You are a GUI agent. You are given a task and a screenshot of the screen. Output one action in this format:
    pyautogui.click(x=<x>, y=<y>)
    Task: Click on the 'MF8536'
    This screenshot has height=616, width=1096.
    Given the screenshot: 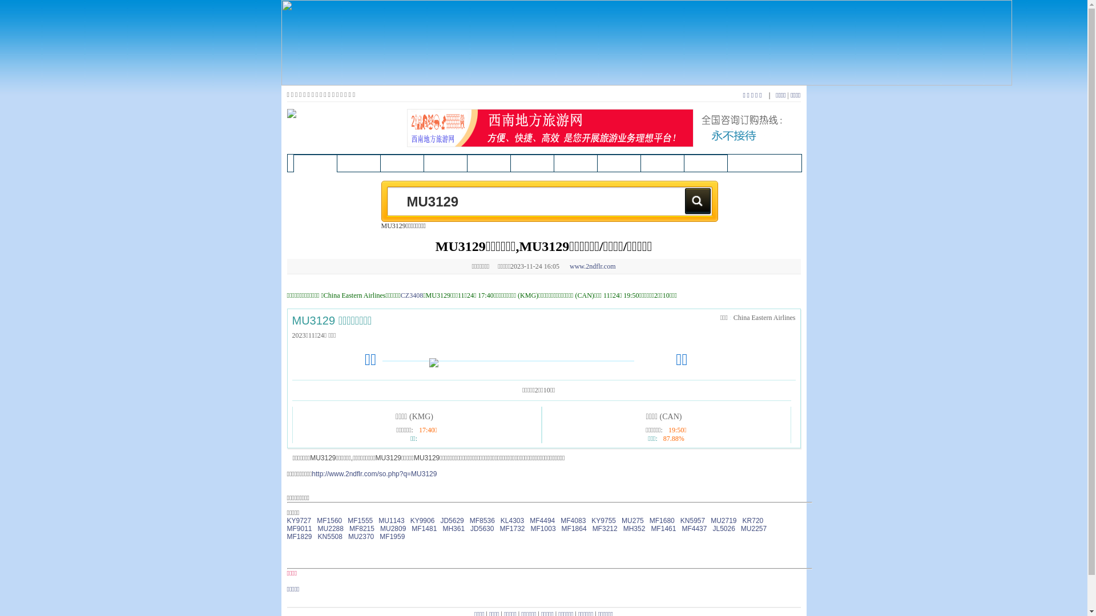 What is the action you would take?
    pyautogui.click(x=482, y=521)
    